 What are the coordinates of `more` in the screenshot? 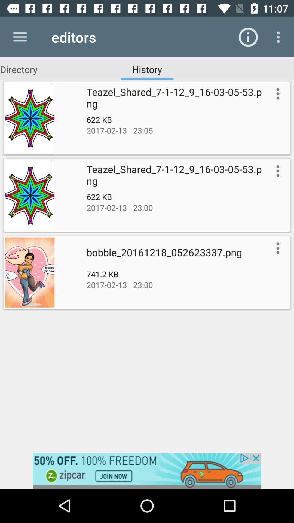 It's located at (277, 94).